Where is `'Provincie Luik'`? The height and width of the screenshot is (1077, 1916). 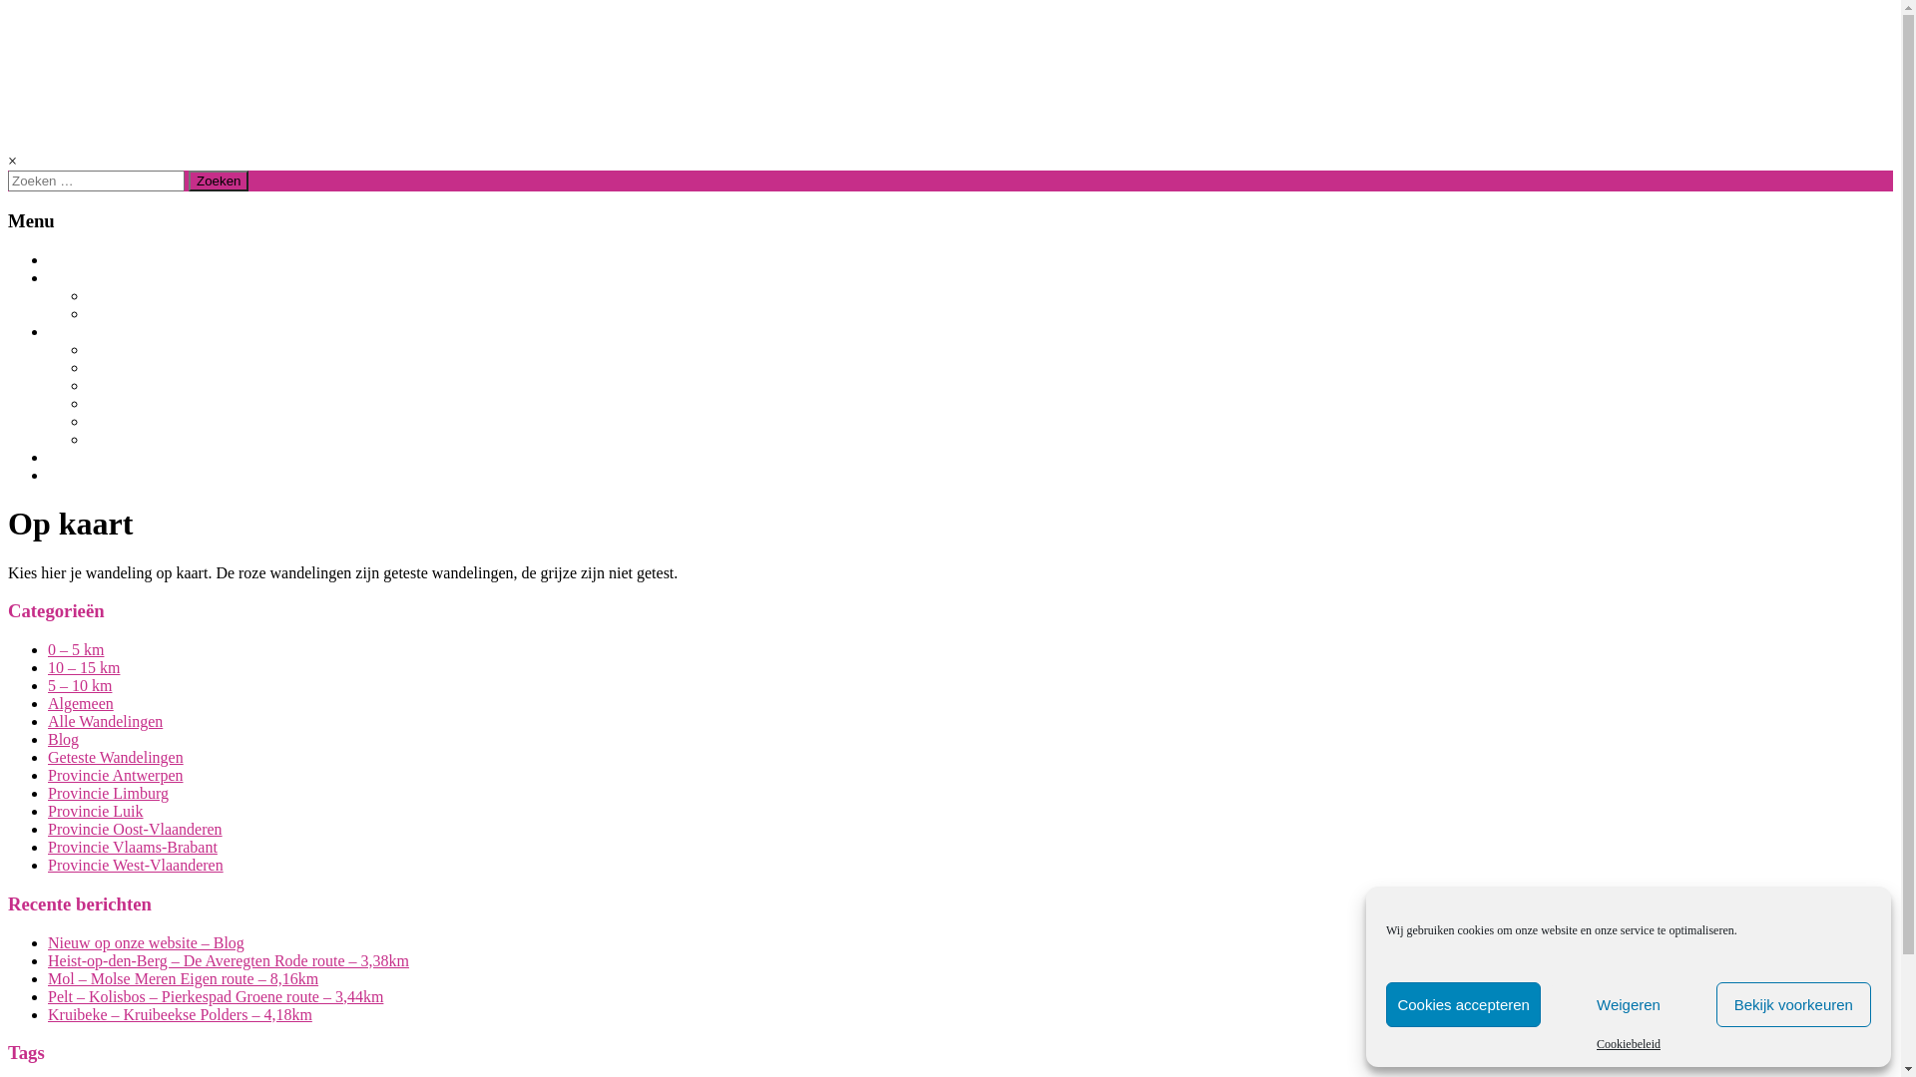
'Provincie Luik' is located at coordinates (95, 811).